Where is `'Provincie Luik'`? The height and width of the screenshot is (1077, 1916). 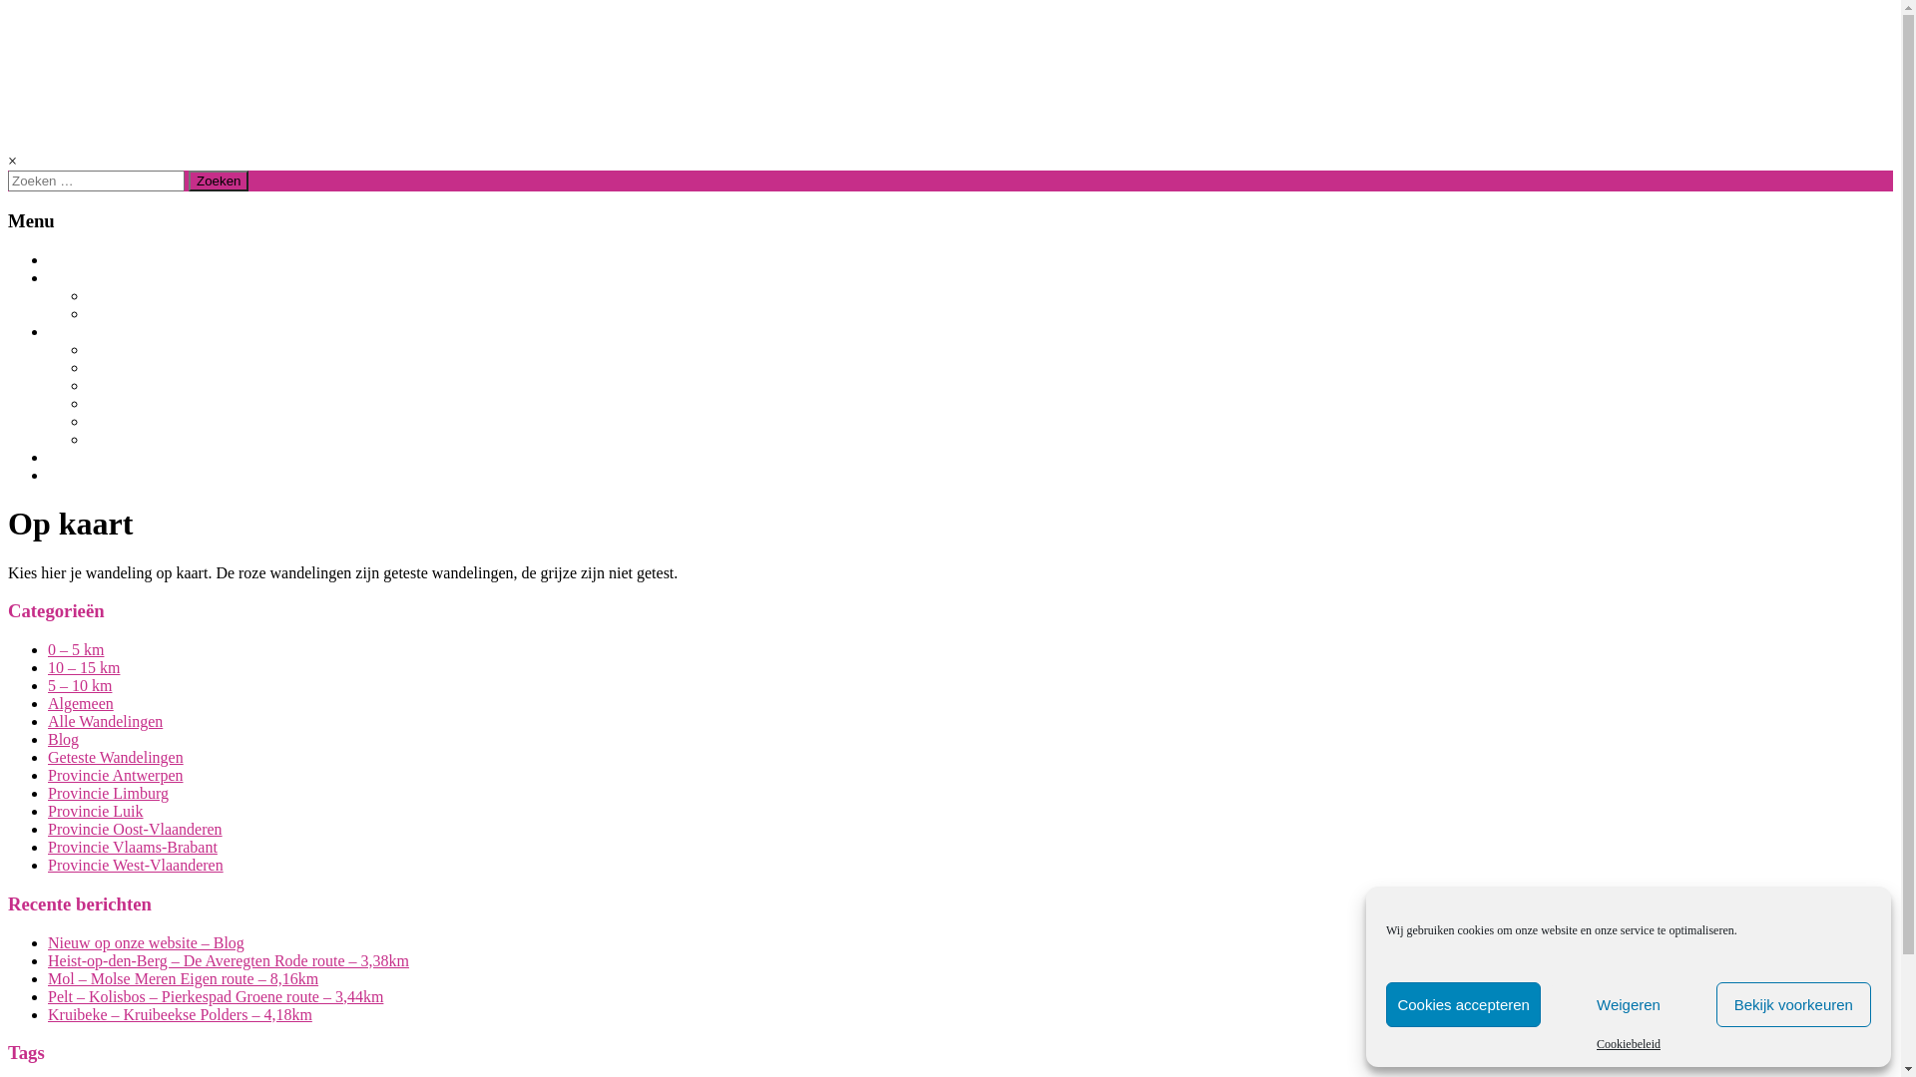
'Provincie Luik' is located at coordinates (95, 811).